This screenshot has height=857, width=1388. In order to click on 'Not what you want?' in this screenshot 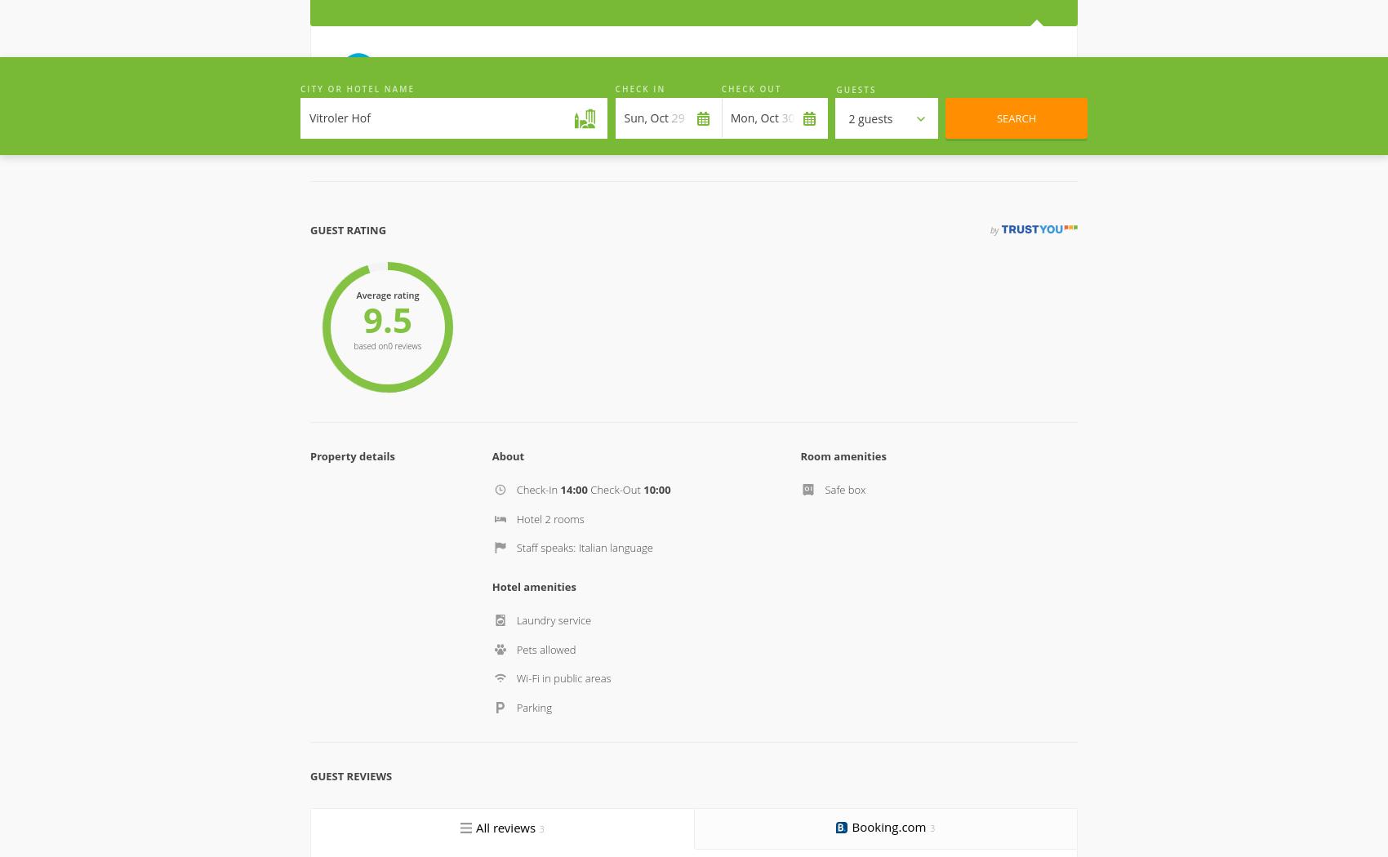, I will do `click(692, 564)`.